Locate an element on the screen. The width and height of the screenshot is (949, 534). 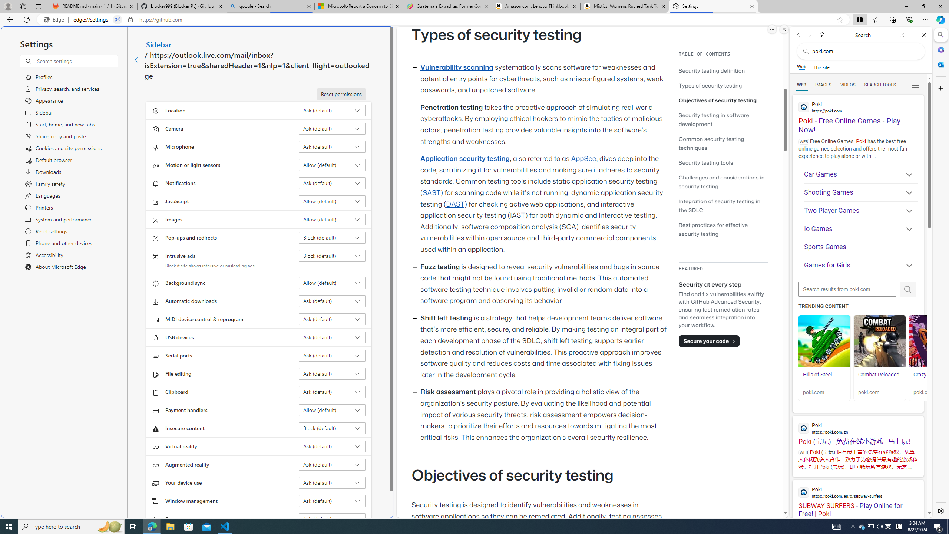
'Security testing definition' is located at coordinates (723, 70).